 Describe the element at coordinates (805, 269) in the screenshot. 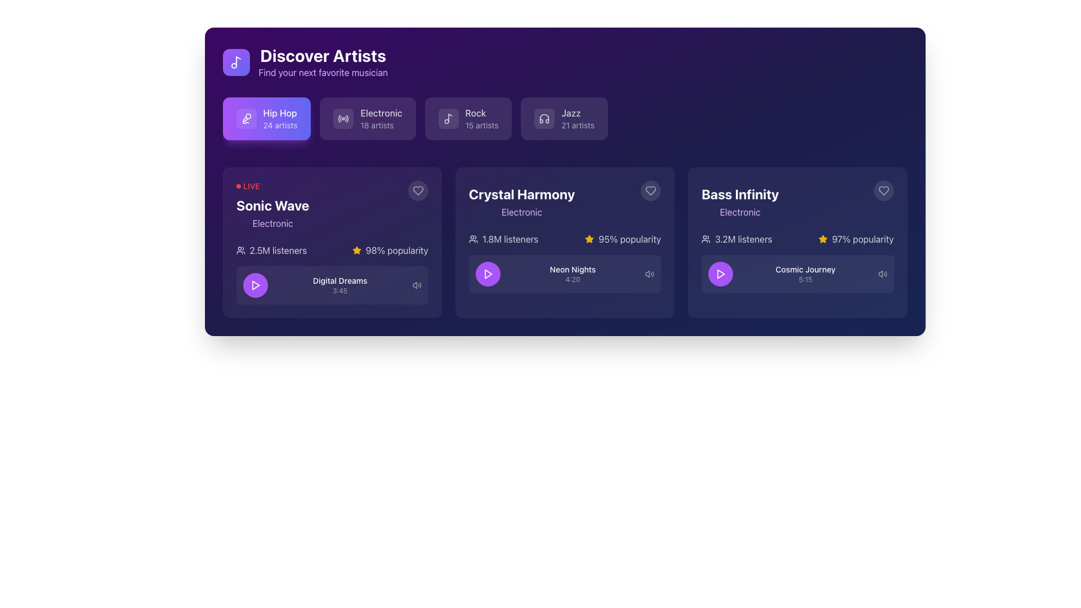

I see `the song title label located in the 'Bass Infinity' section, which is positioned near the center of the card under the play button` at that location.